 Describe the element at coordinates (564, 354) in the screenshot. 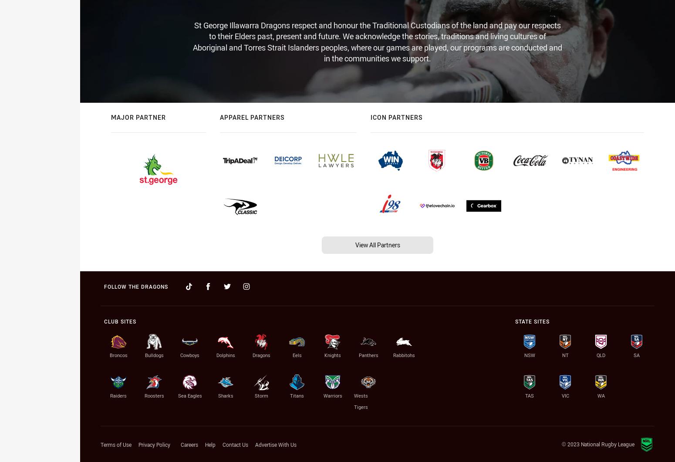

I see `'NT'` at that location.